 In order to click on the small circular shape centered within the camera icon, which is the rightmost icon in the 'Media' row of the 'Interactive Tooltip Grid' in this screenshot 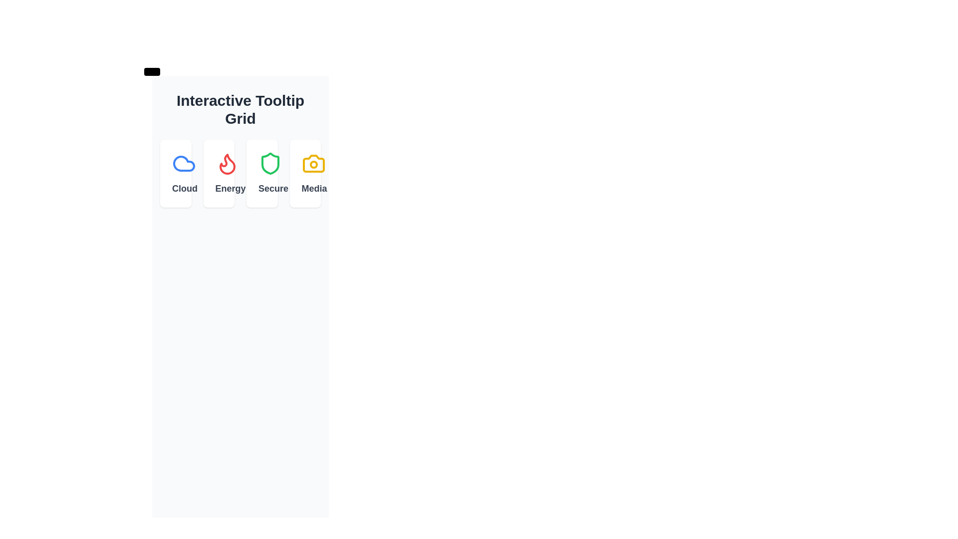, I will do `click(313, 164)`.